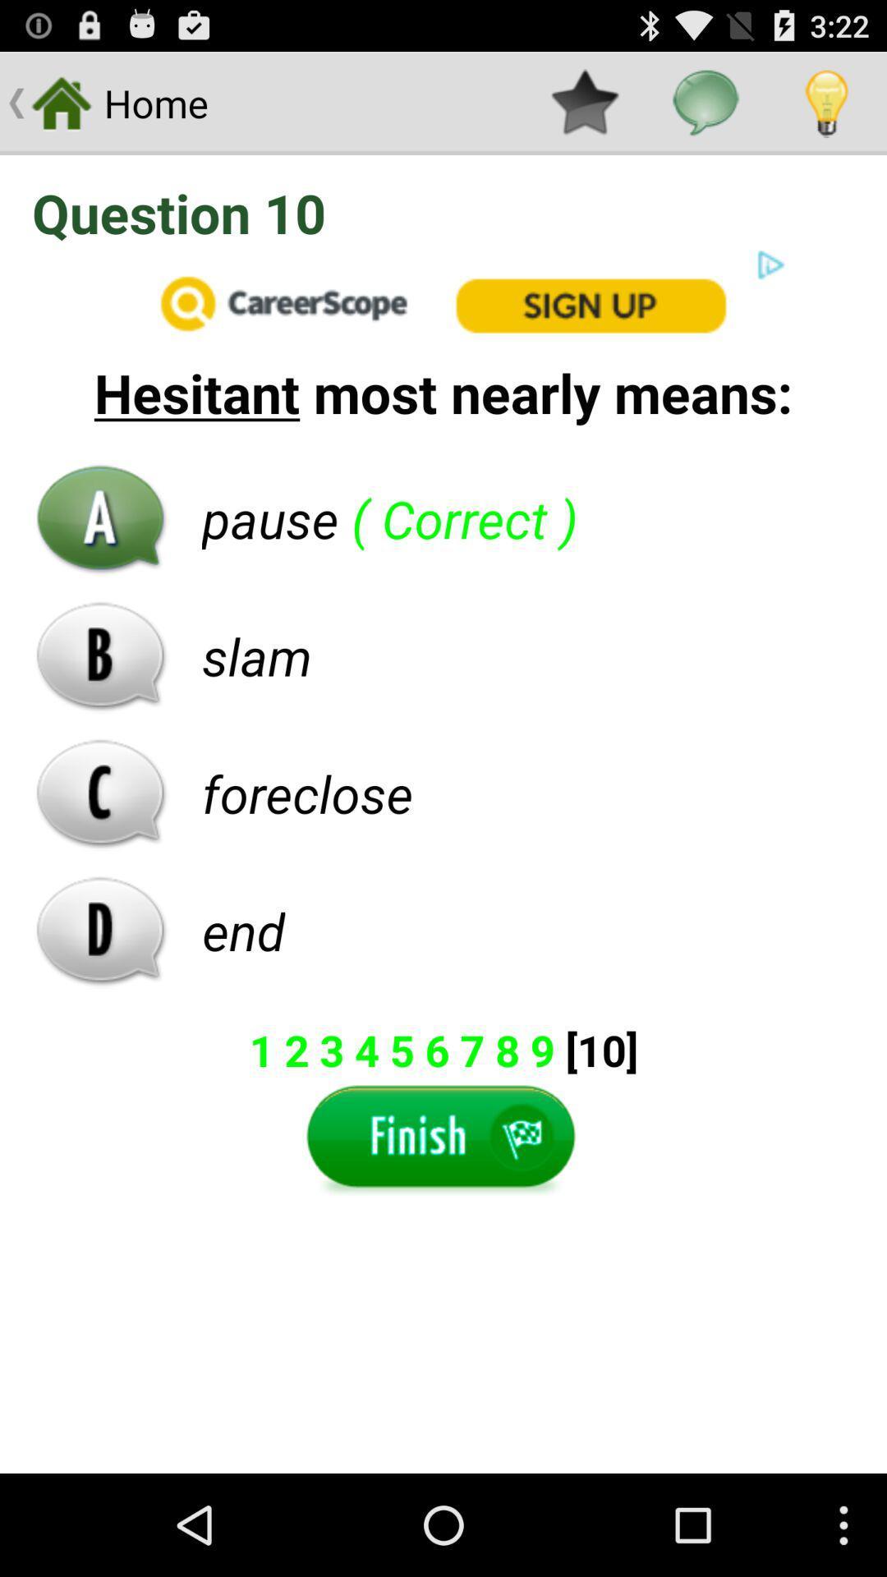 The width and height of the screenshot is (887, 1577). I want to click on option d, so click(101, 931).